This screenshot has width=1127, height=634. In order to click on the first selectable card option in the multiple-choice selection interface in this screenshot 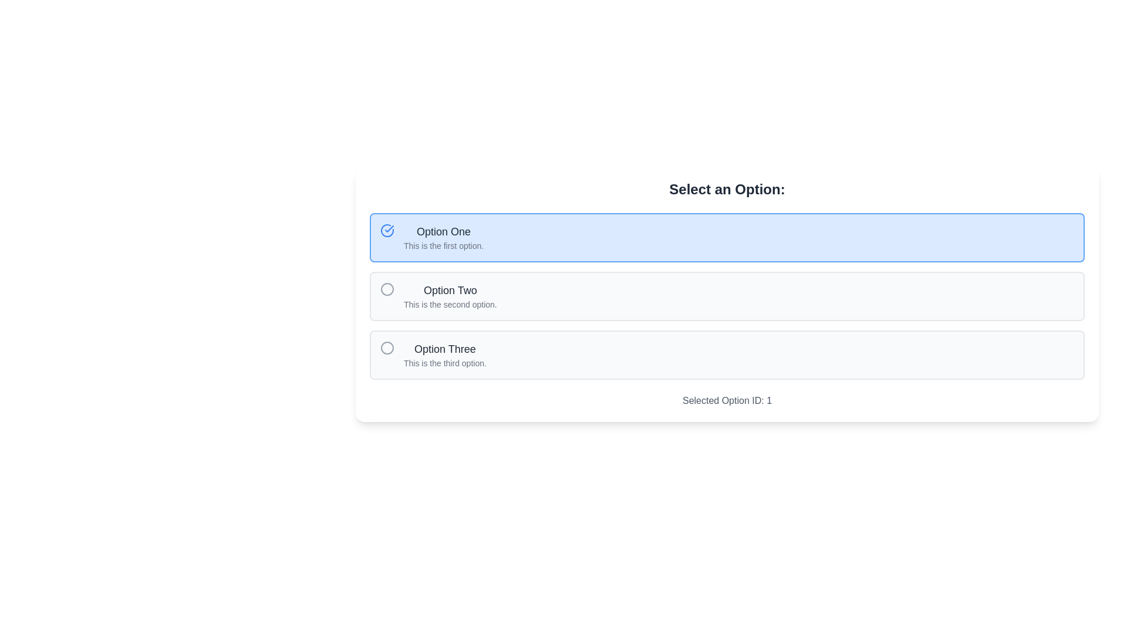, I will do `click(726, 238)`.